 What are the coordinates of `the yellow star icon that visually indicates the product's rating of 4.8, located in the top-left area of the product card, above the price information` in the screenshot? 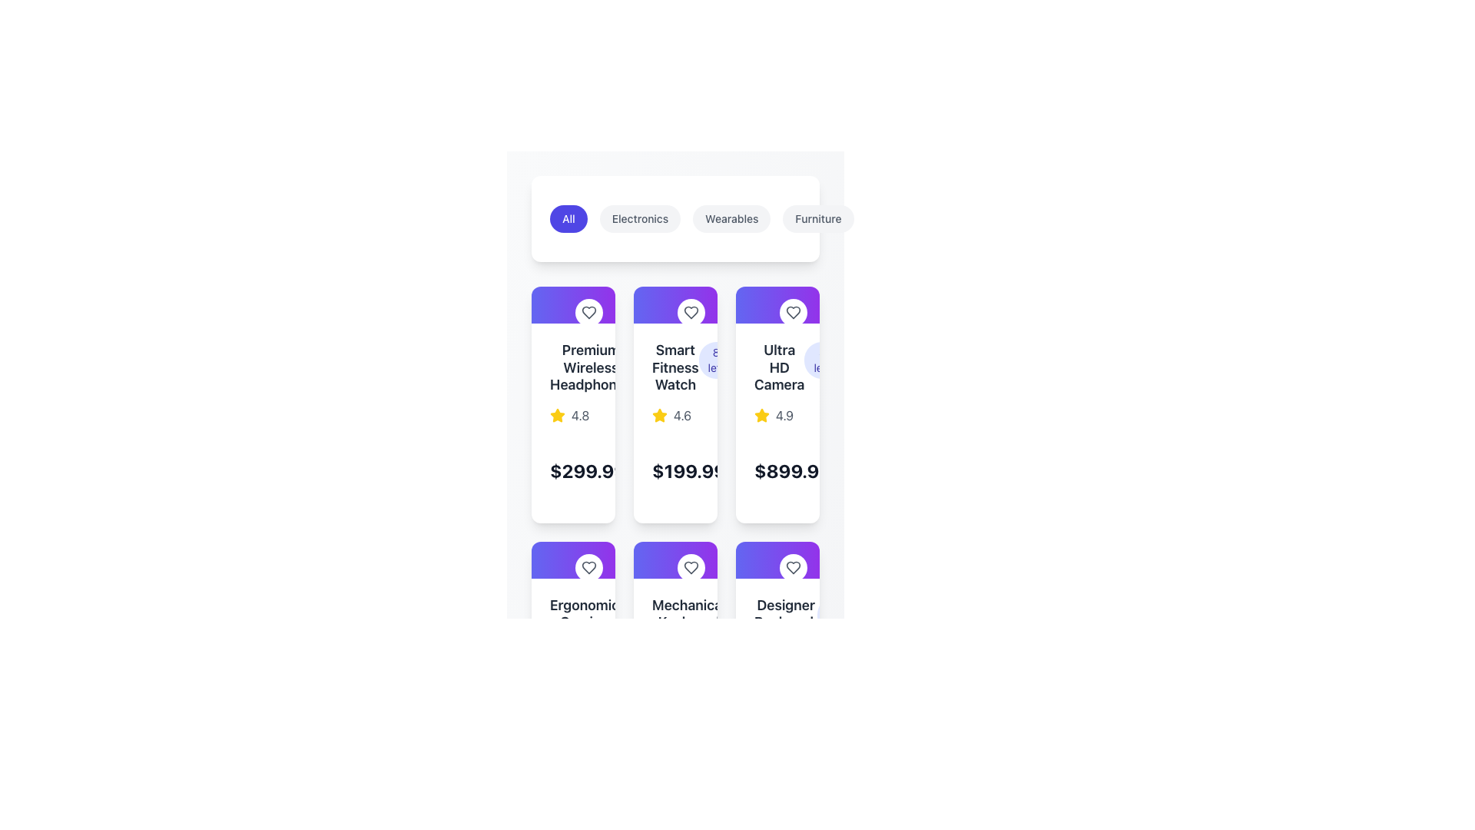 It's located at (556, 415).